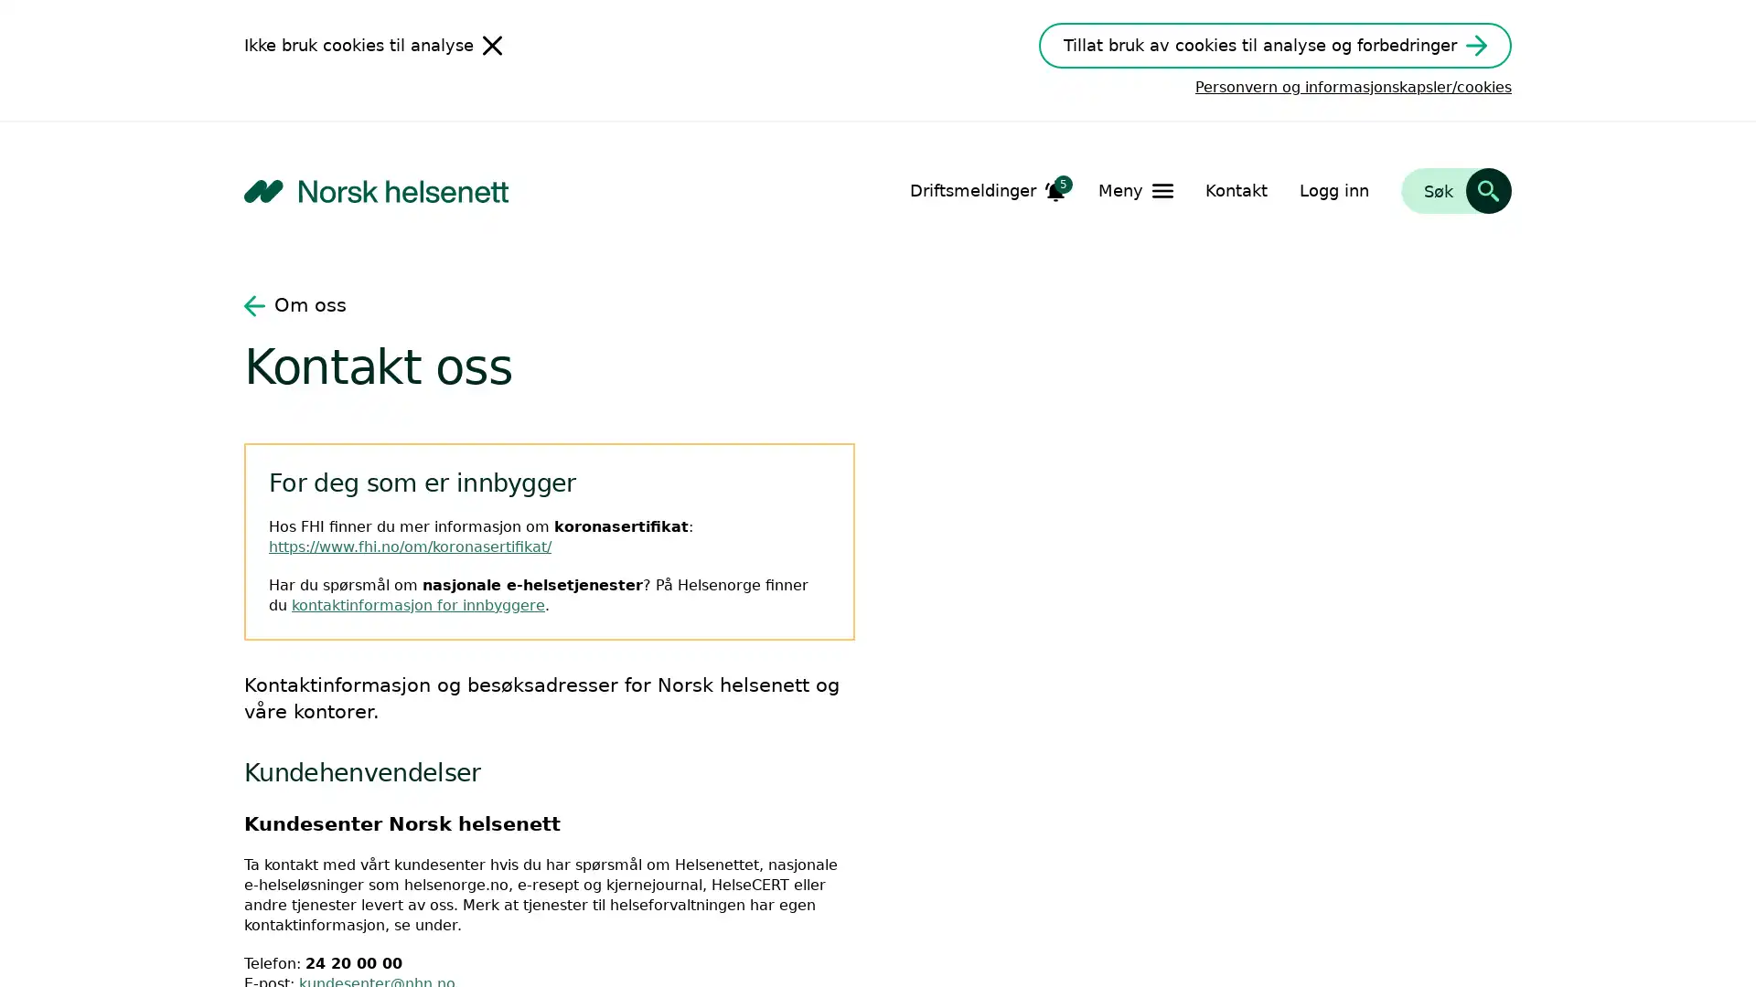  I want to click on Tillat bruk av cookies til analyse og forbedringer, so click(1274, 45).